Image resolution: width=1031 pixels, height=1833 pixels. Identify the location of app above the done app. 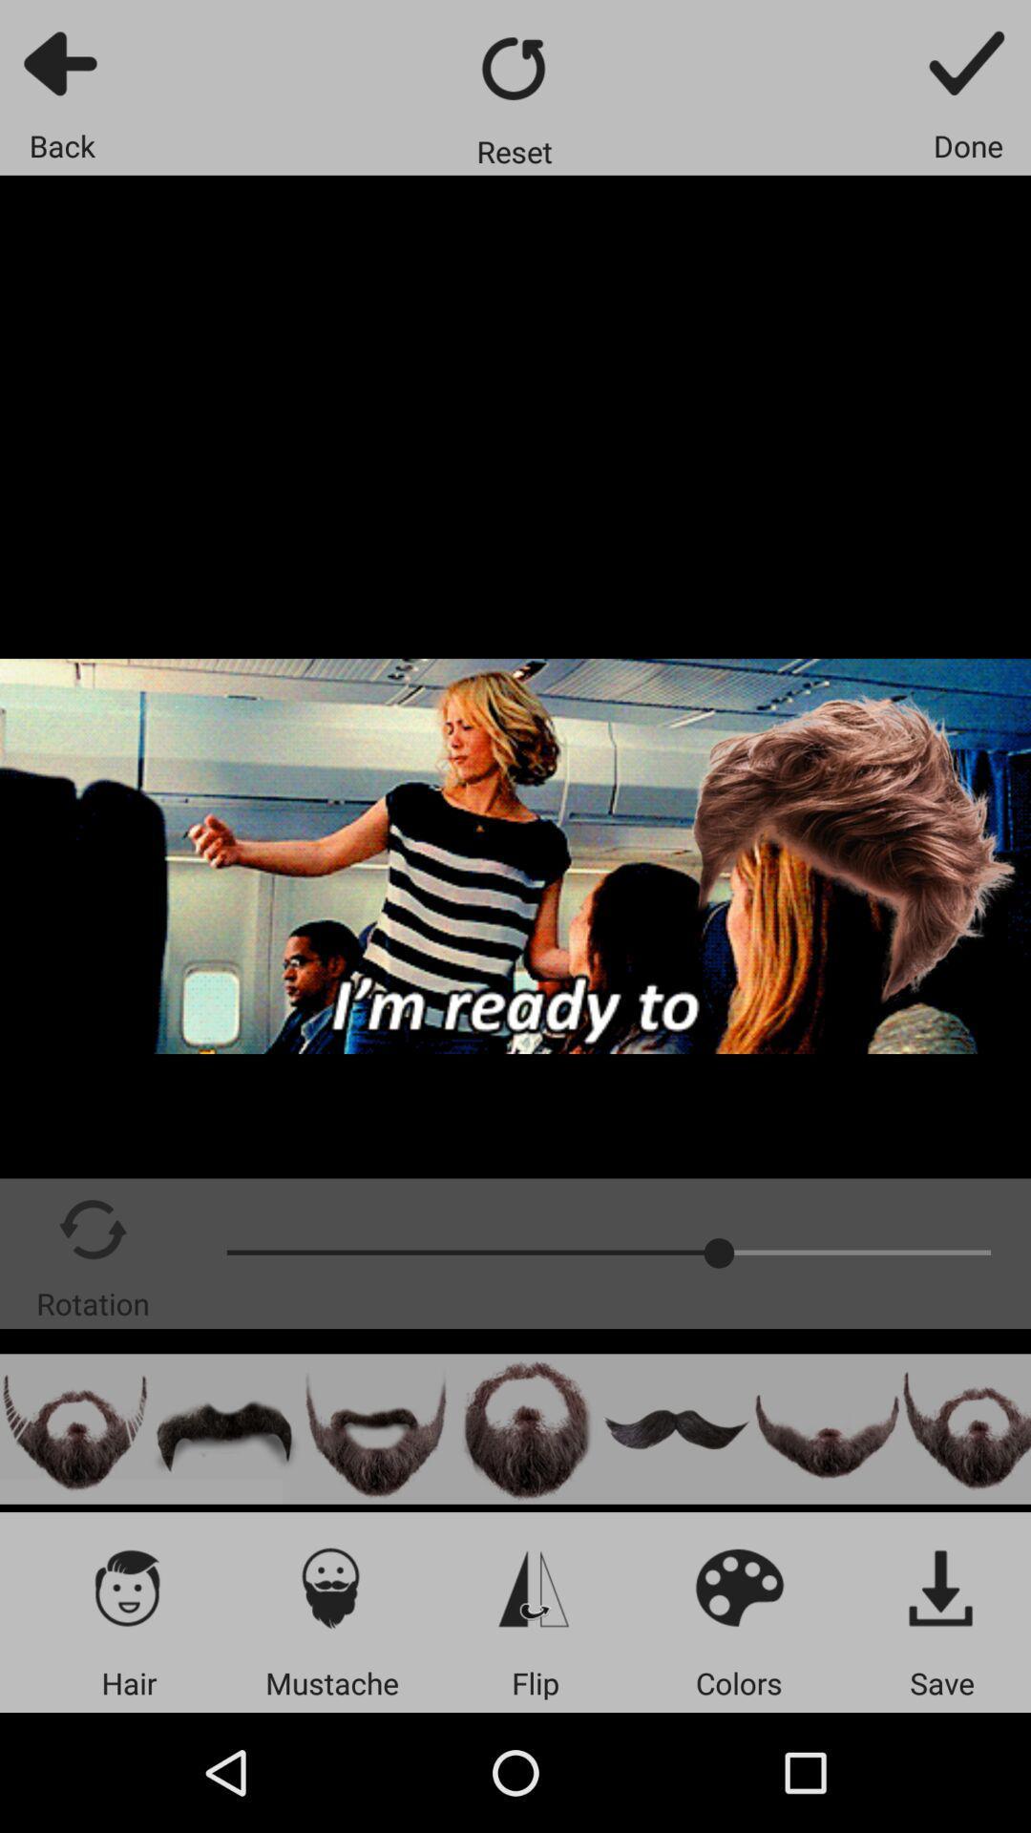
(968, 62).